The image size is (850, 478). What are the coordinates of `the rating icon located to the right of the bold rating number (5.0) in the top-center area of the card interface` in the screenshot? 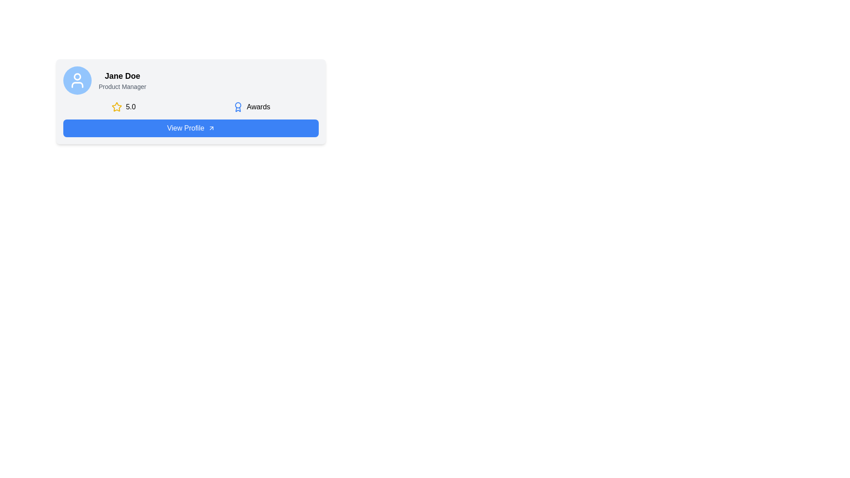 It's located at (116, 107).